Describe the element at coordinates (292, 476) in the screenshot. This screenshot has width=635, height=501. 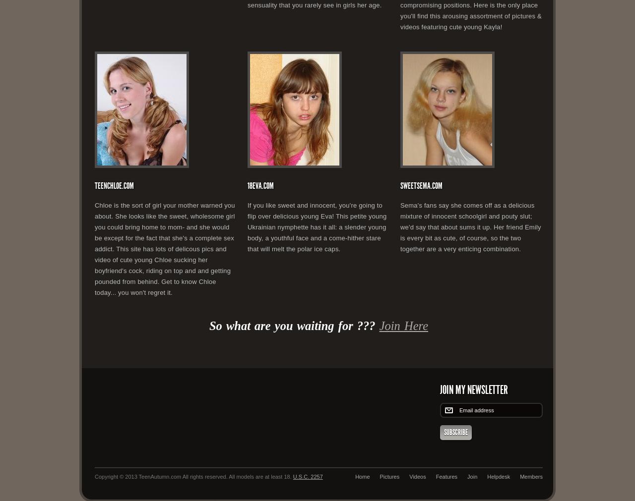
I see `'U.S.C. 2257'` at that location.